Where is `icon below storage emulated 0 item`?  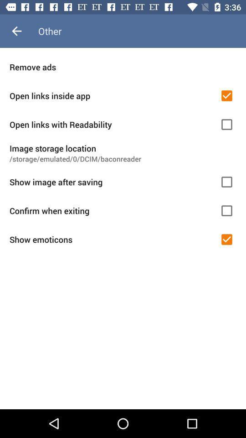
icon below storage emulated 0 item is located at coordinates (112, 181).